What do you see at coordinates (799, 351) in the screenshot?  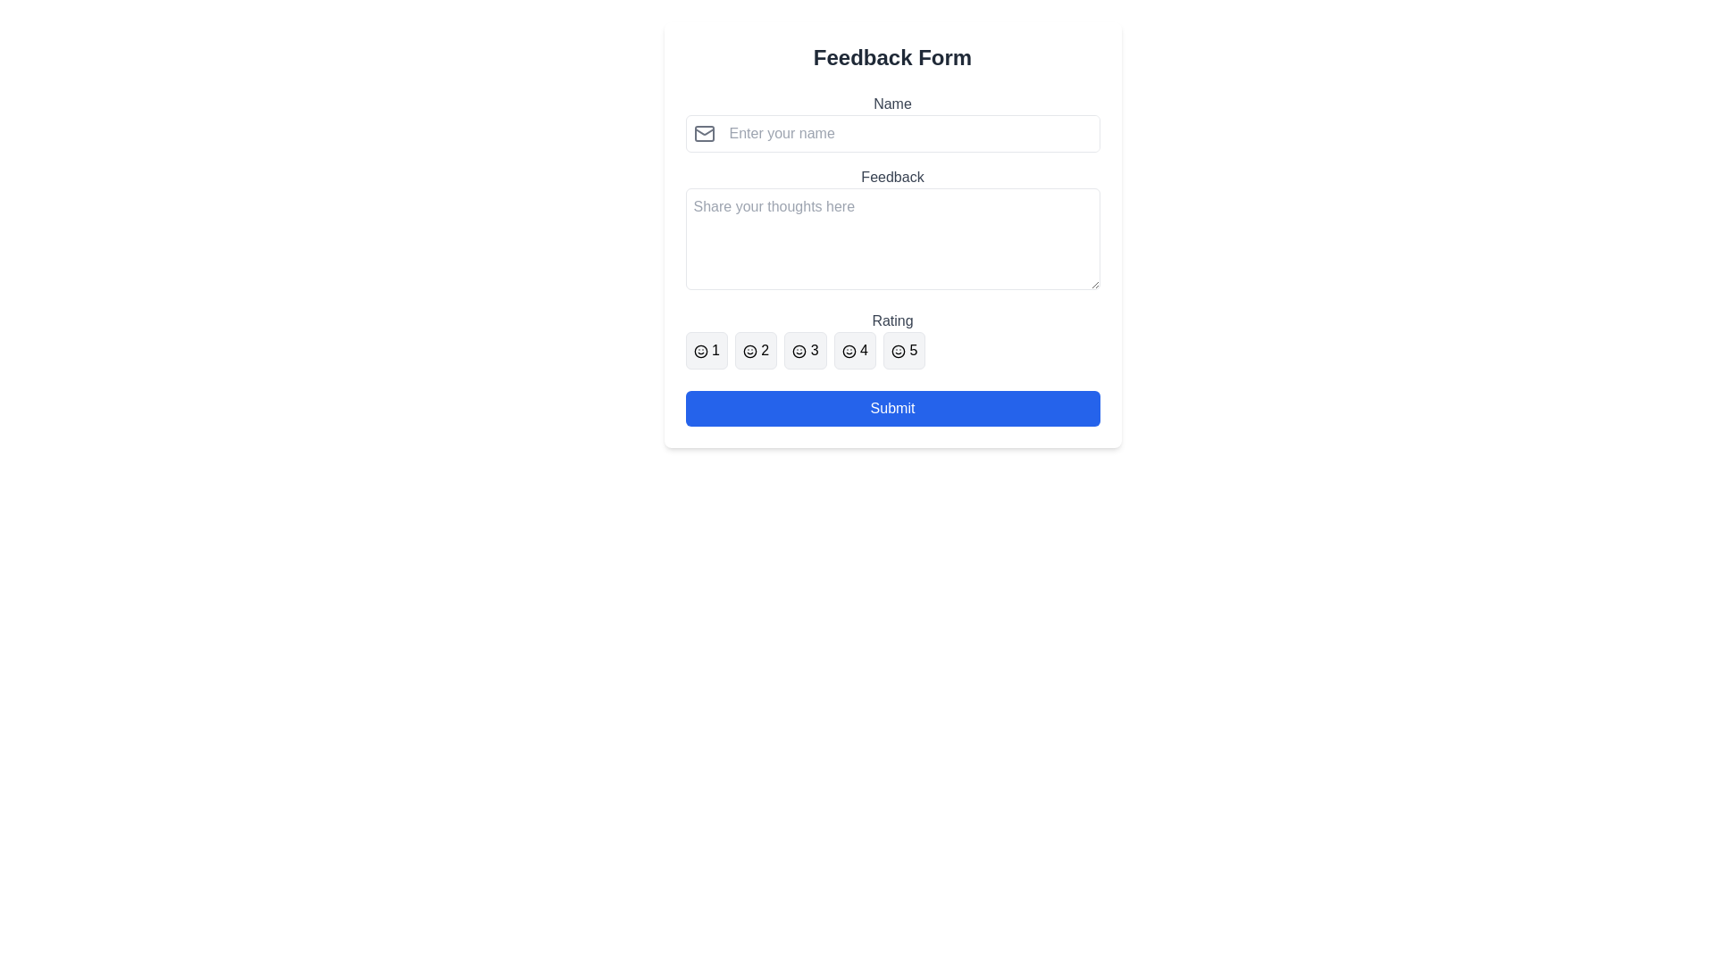 I see `the smiley face icon within the circular outline that represents the rating option '3', positioned third from the left among five rating buttons` at bounding box center [799, 351].